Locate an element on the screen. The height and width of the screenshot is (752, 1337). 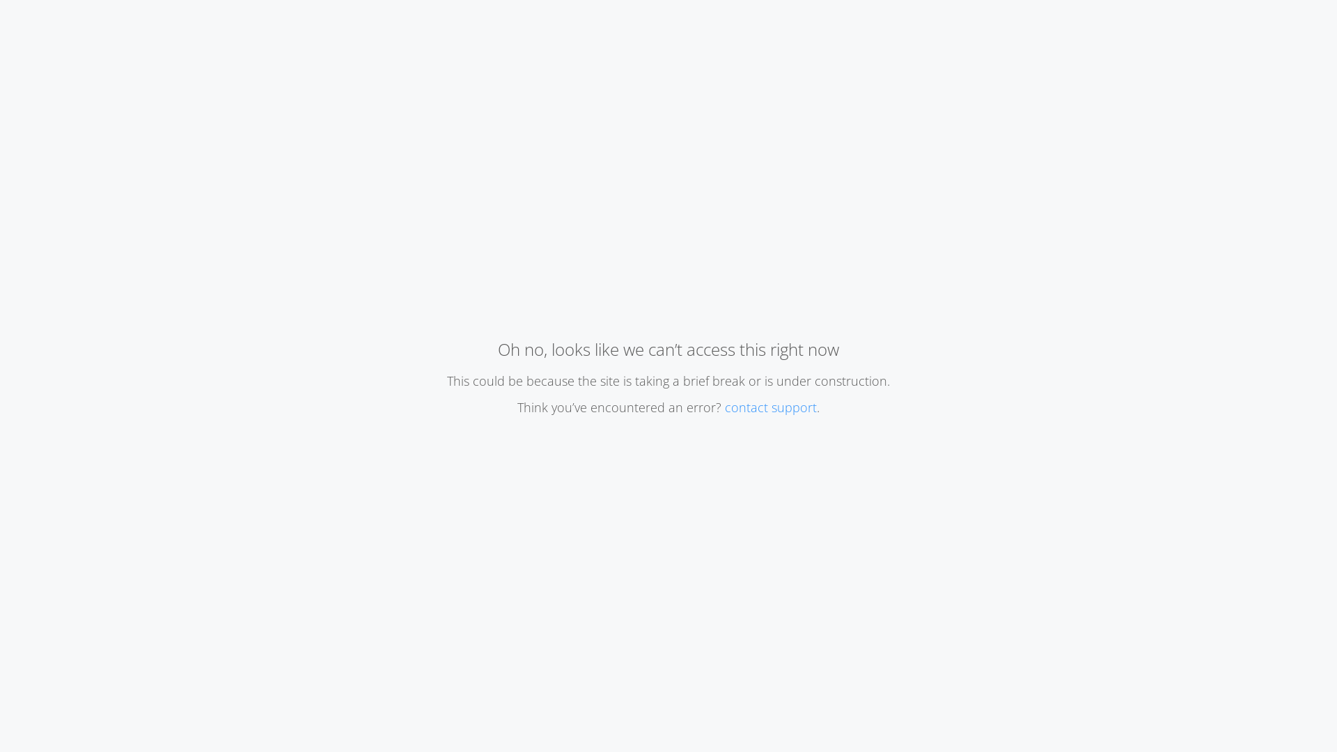
'contact support' is located at coordinates (770, 407).